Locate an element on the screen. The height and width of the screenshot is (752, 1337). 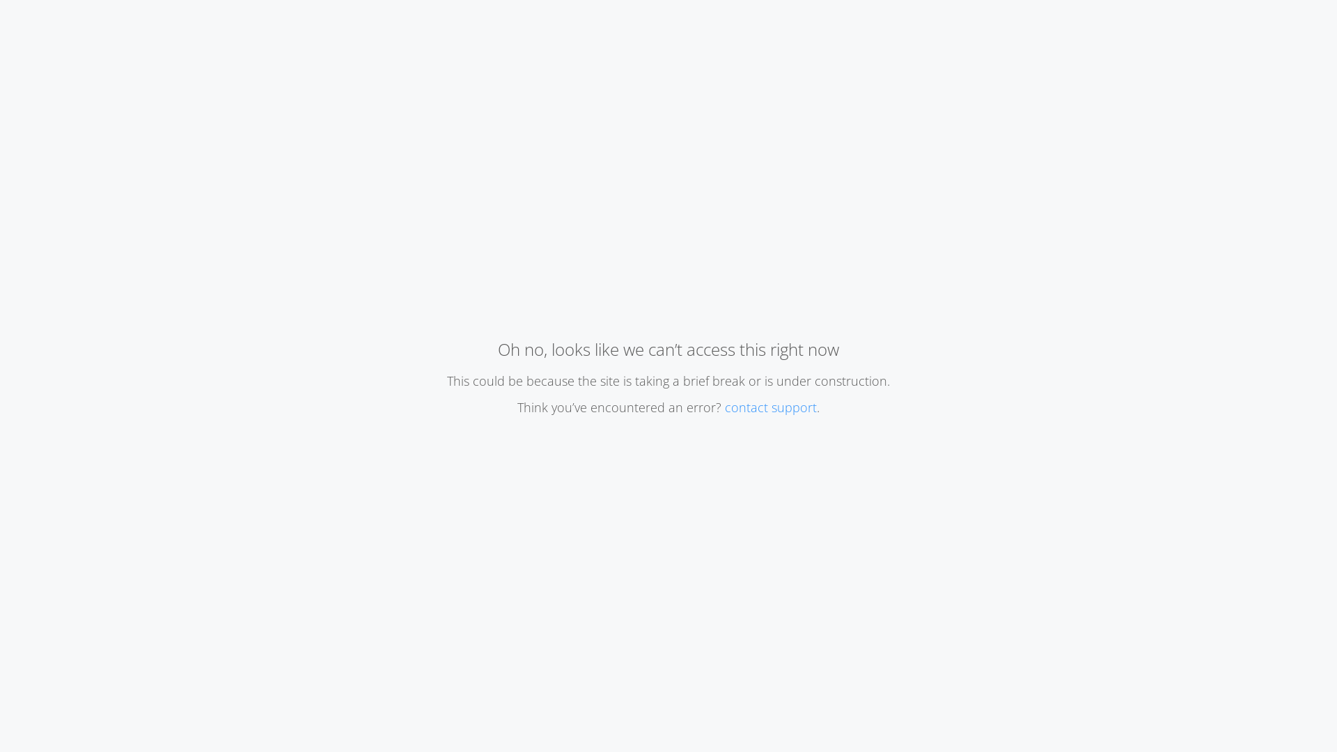
'contact support' is located at coordinates (770, 407).